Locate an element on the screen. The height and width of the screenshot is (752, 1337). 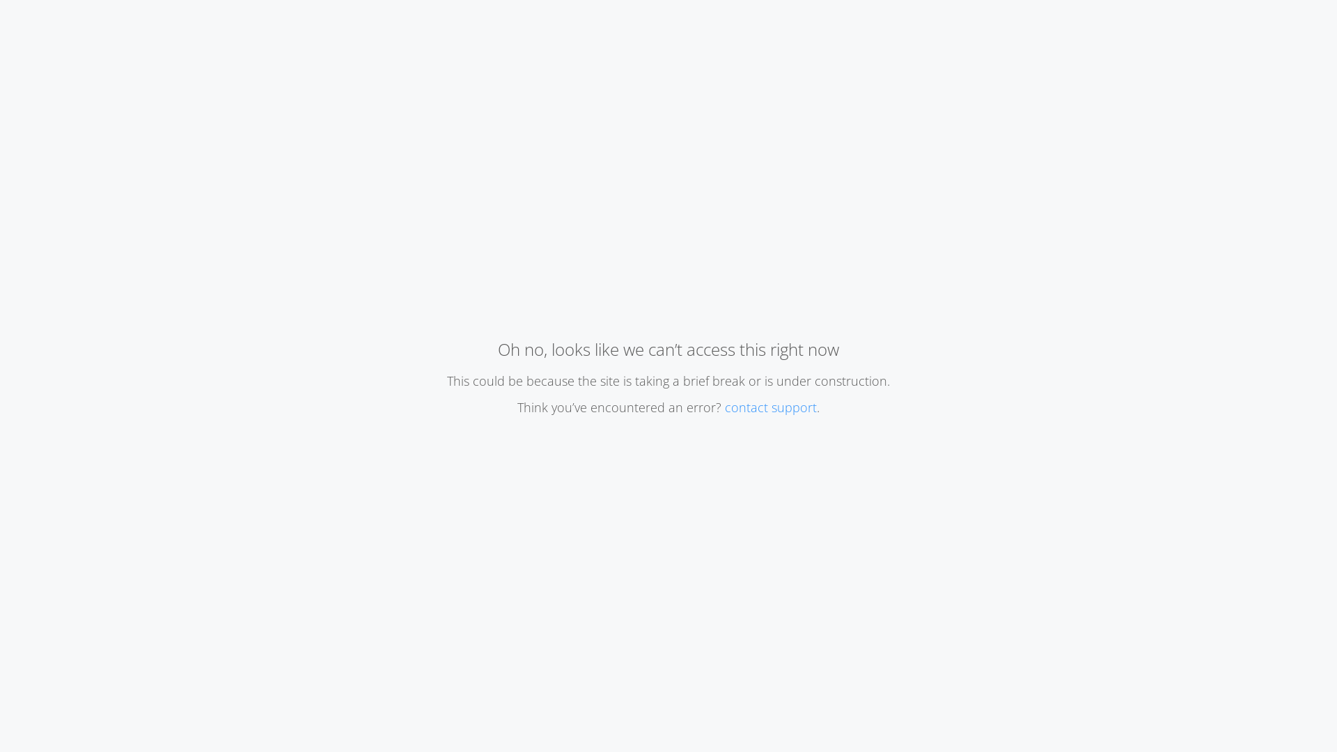
'contact support' is located at coordinates (770, 407).